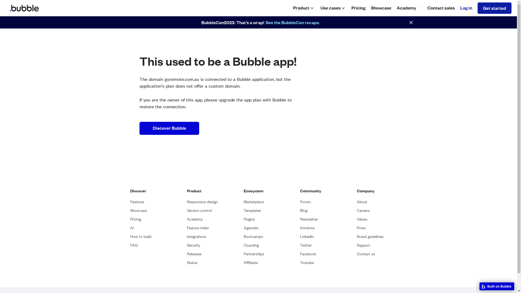  What do you see at coordinates (141, 236) in the screenshot?
I see `'How to build'` at bounding box center [141, 236].